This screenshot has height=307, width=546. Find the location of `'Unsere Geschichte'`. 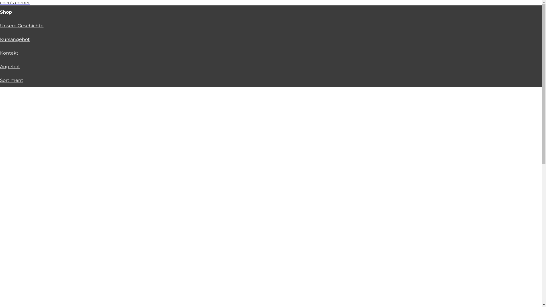

'Unsere Geschichte' is located at coordinates (22, 26).